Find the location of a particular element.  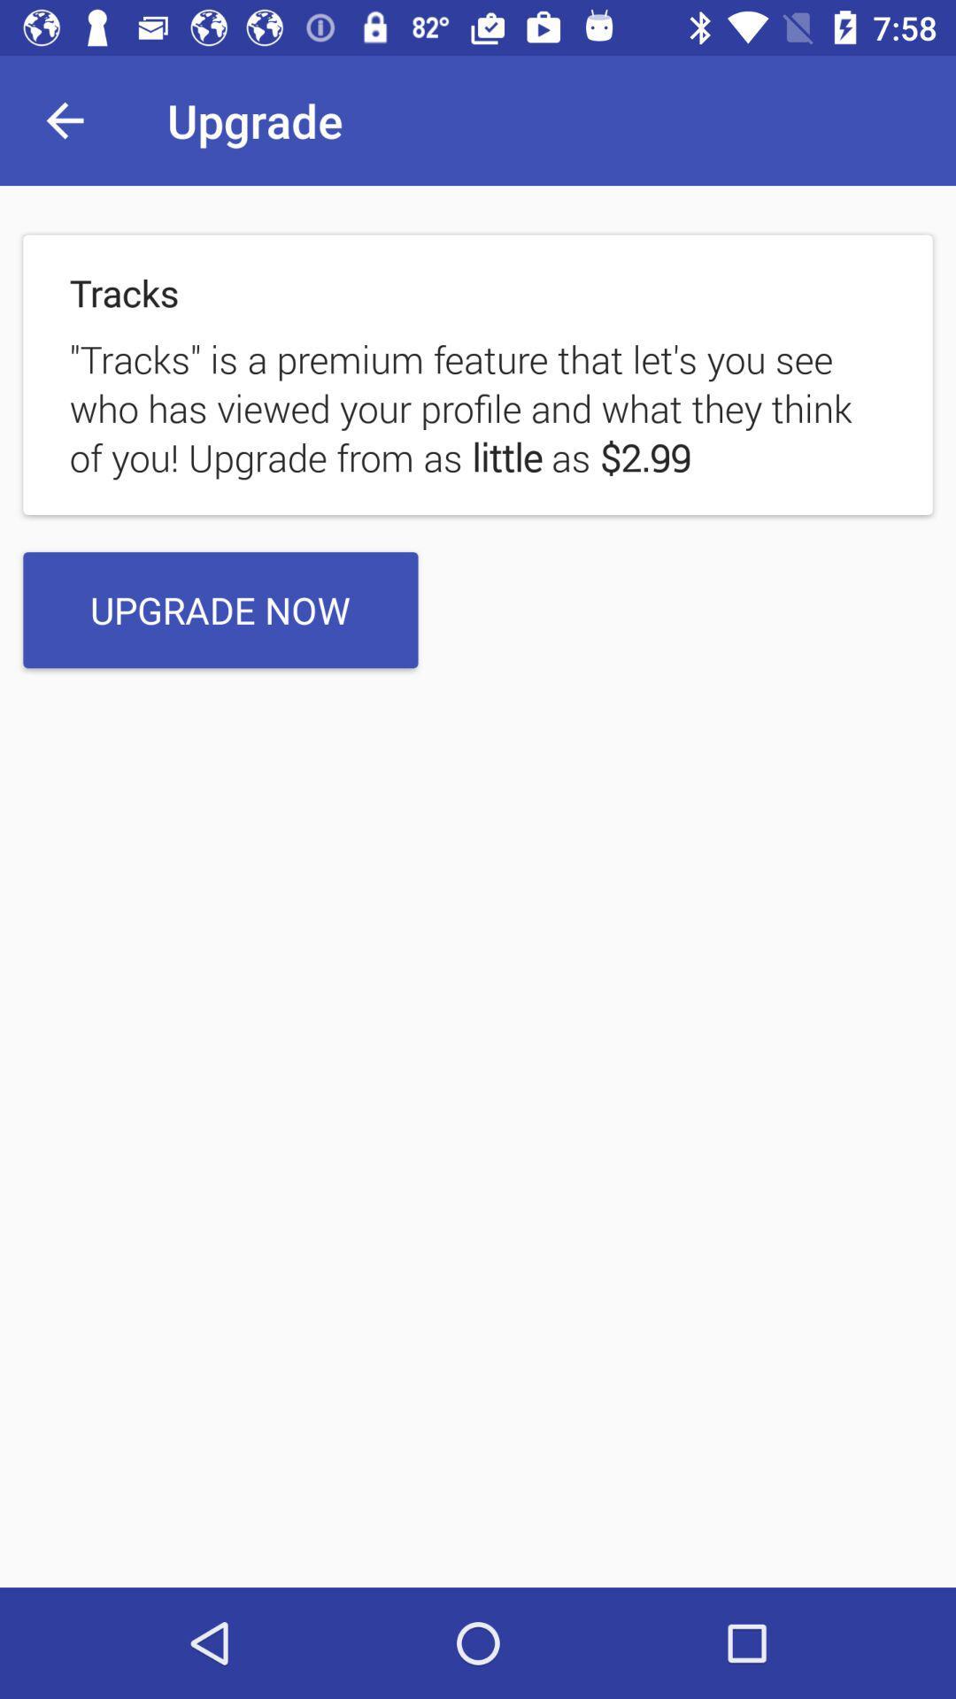

icon to the left of the upgrade is located at coordinates (64, 119).